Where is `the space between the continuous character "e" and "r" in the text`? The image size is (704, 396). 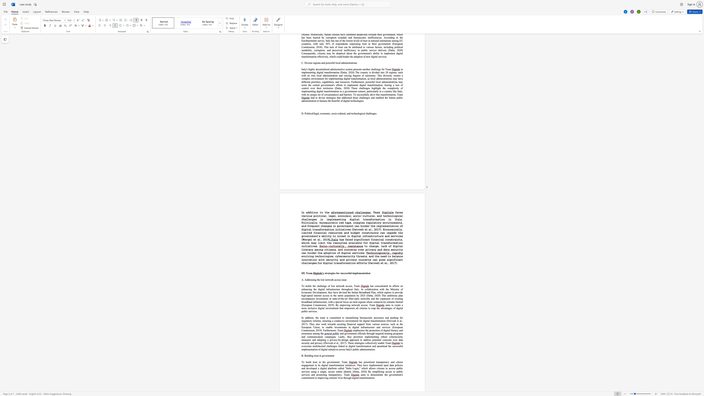 the space between the continuous character "e" and "r" in the text is located at coordinates (394, 330).